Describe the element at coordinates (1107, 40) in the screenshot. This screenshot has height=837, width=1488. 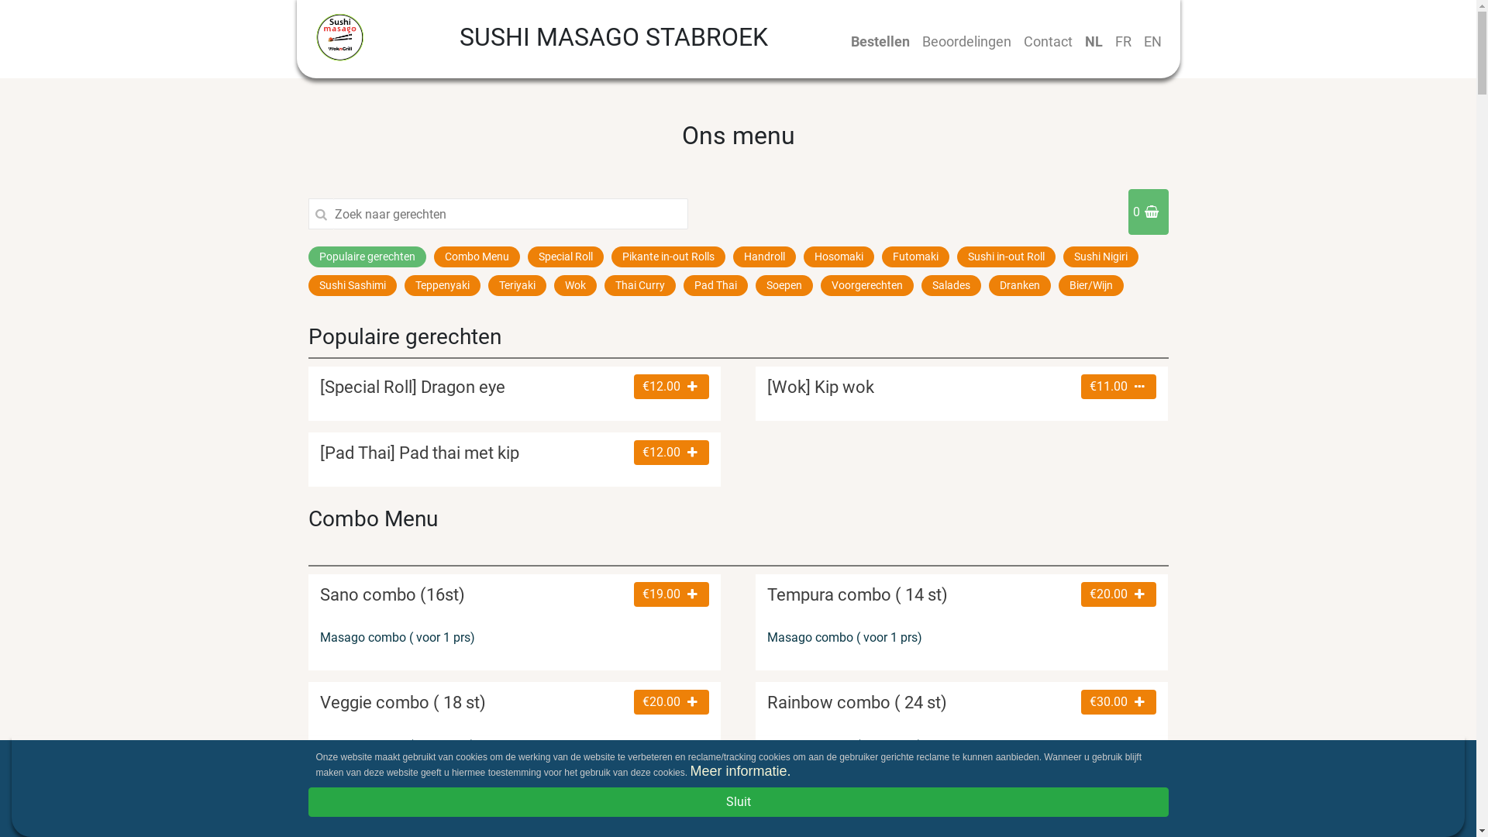
I see `'FR'` at that location.